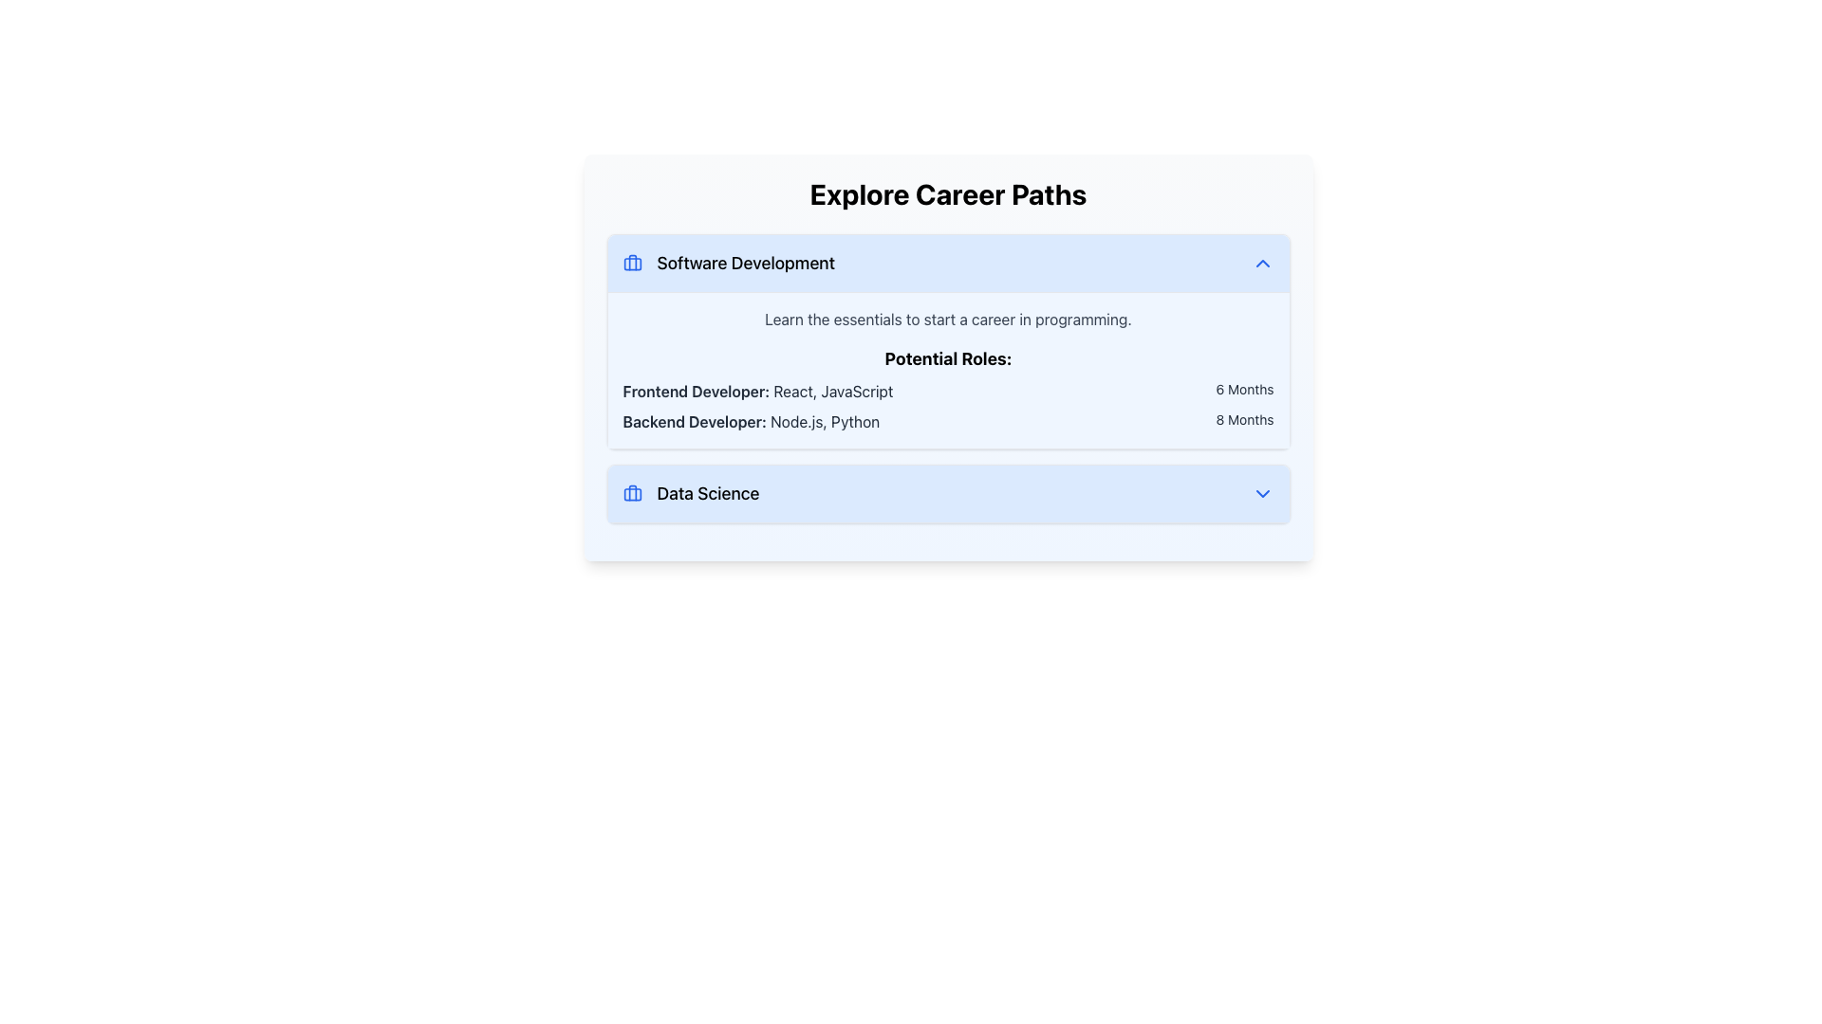  I want to click on the first list item in the 'Potential Roles' section that describes the 'Frontend Developer' job role to interact with it, so click(948, 390).